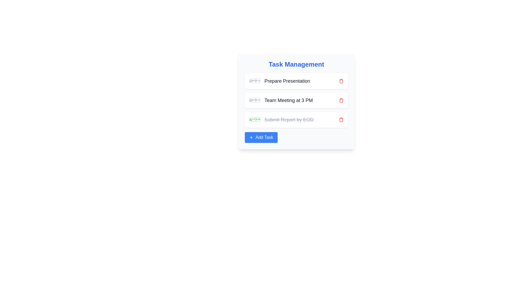 The image size is (516, 290). I want to click on the green checkmark icon located left of the text 'Submit Report by EOD' to trigger visual feedback, so click(254, 119).